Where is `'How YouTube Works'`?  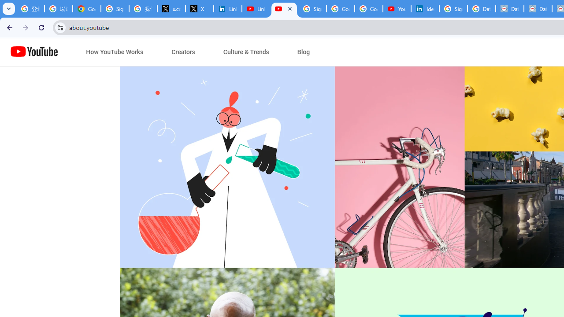
'How YouTube Works' is located at coordinates (114, 52).